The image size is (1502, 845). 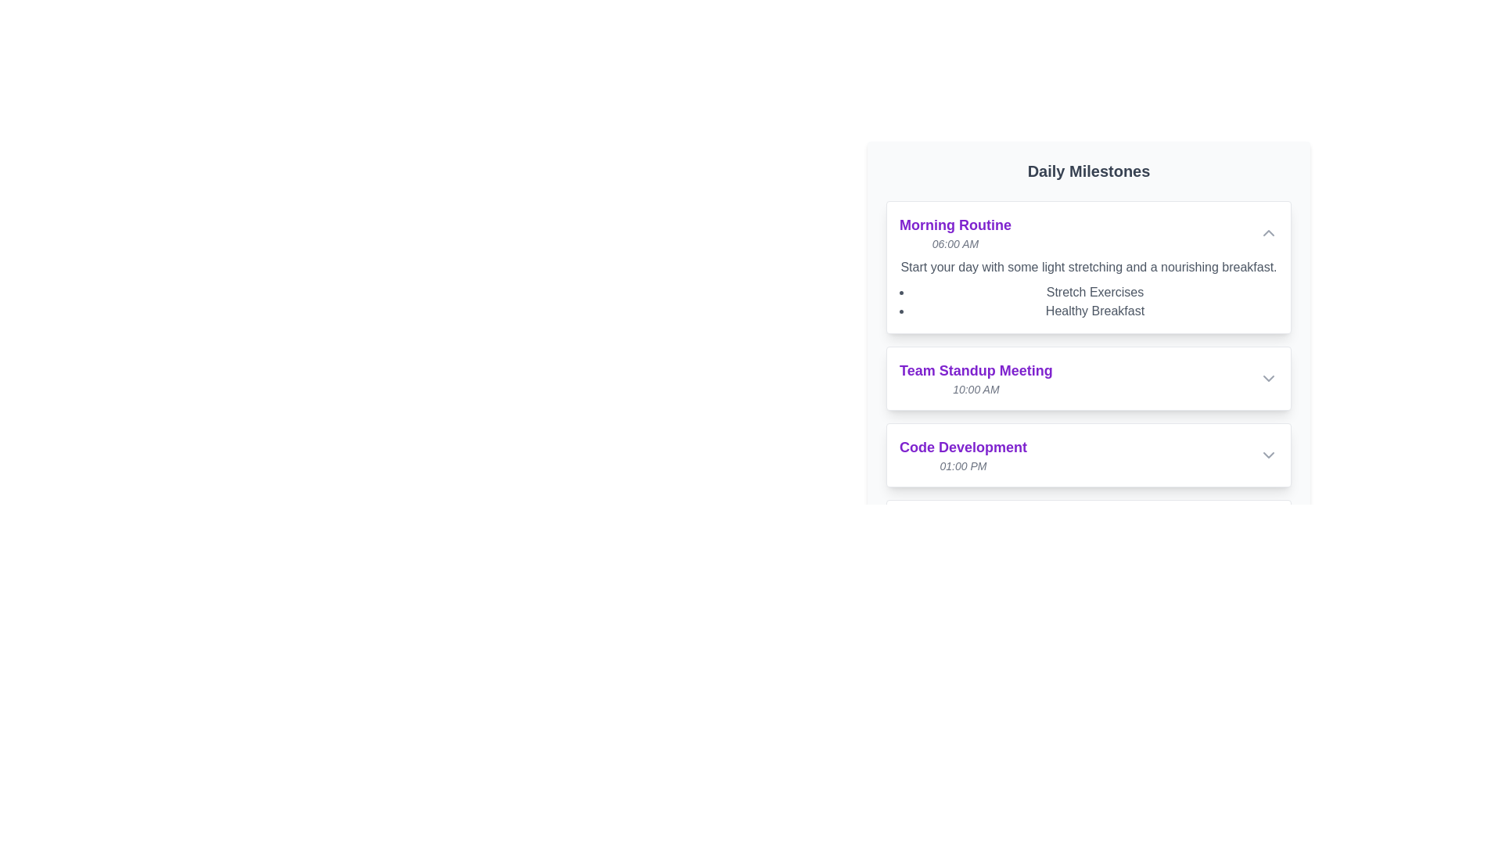 I want to click on the arrow button of the Expandable list item displaying a scheduled meeting's title and time indicator, located in the 'Daily Milestones' section, so click(x=1088, y=378).